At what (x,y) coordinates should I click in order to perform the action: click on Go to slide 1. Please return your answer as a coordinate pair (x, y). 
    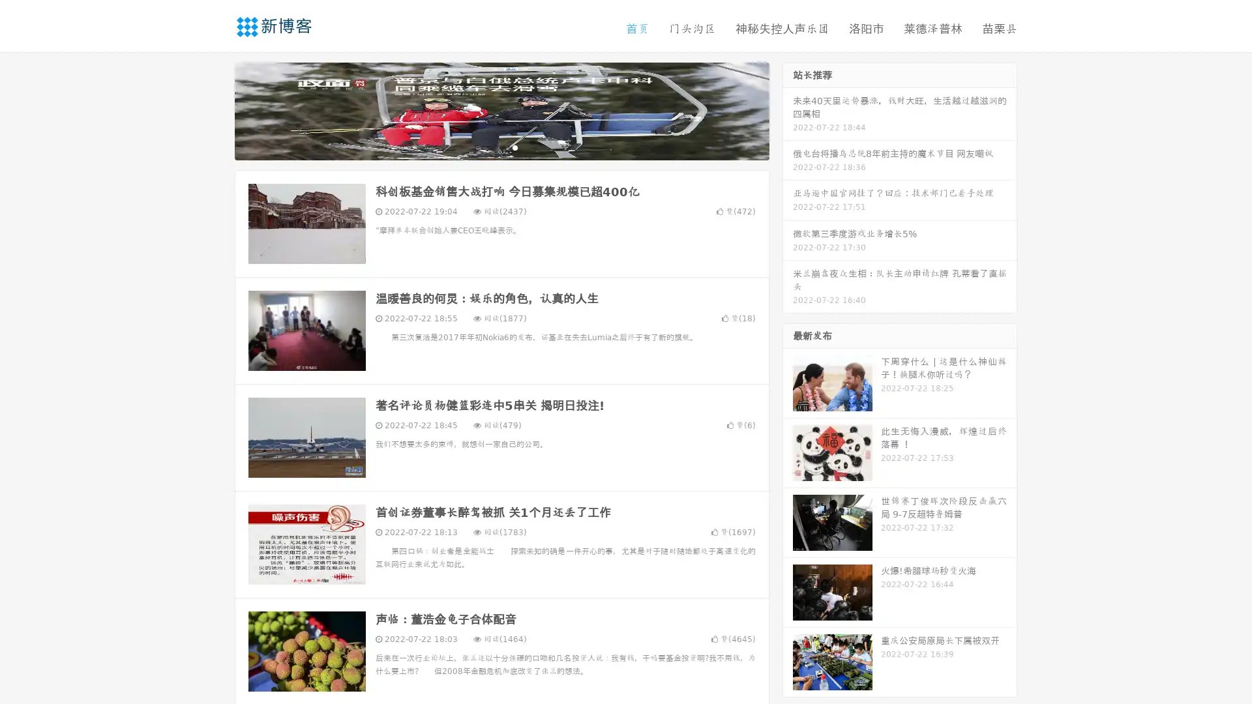
    Looking at the image, I should click on (488, 147).